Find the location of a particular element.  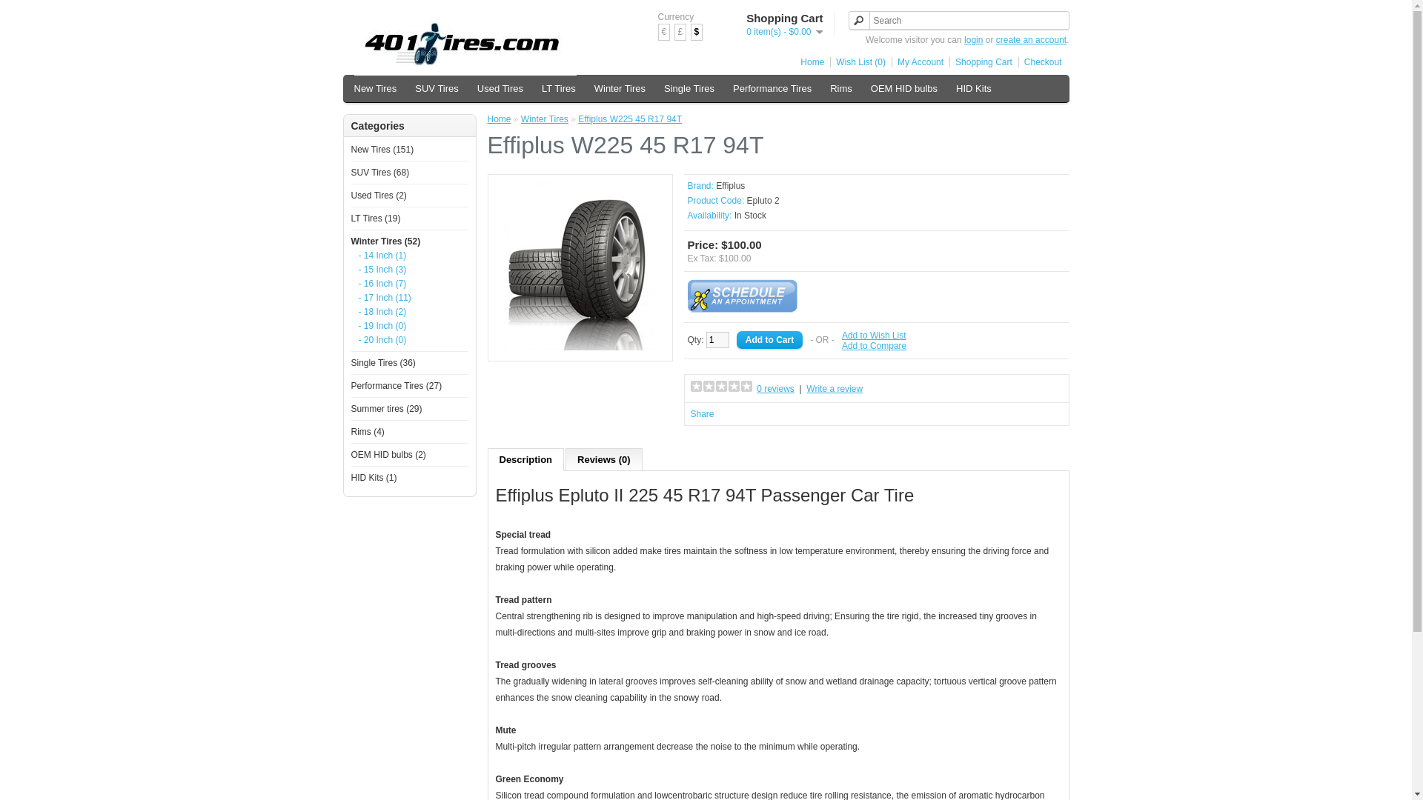

'New Tires' is located at coordinates (376, 88).